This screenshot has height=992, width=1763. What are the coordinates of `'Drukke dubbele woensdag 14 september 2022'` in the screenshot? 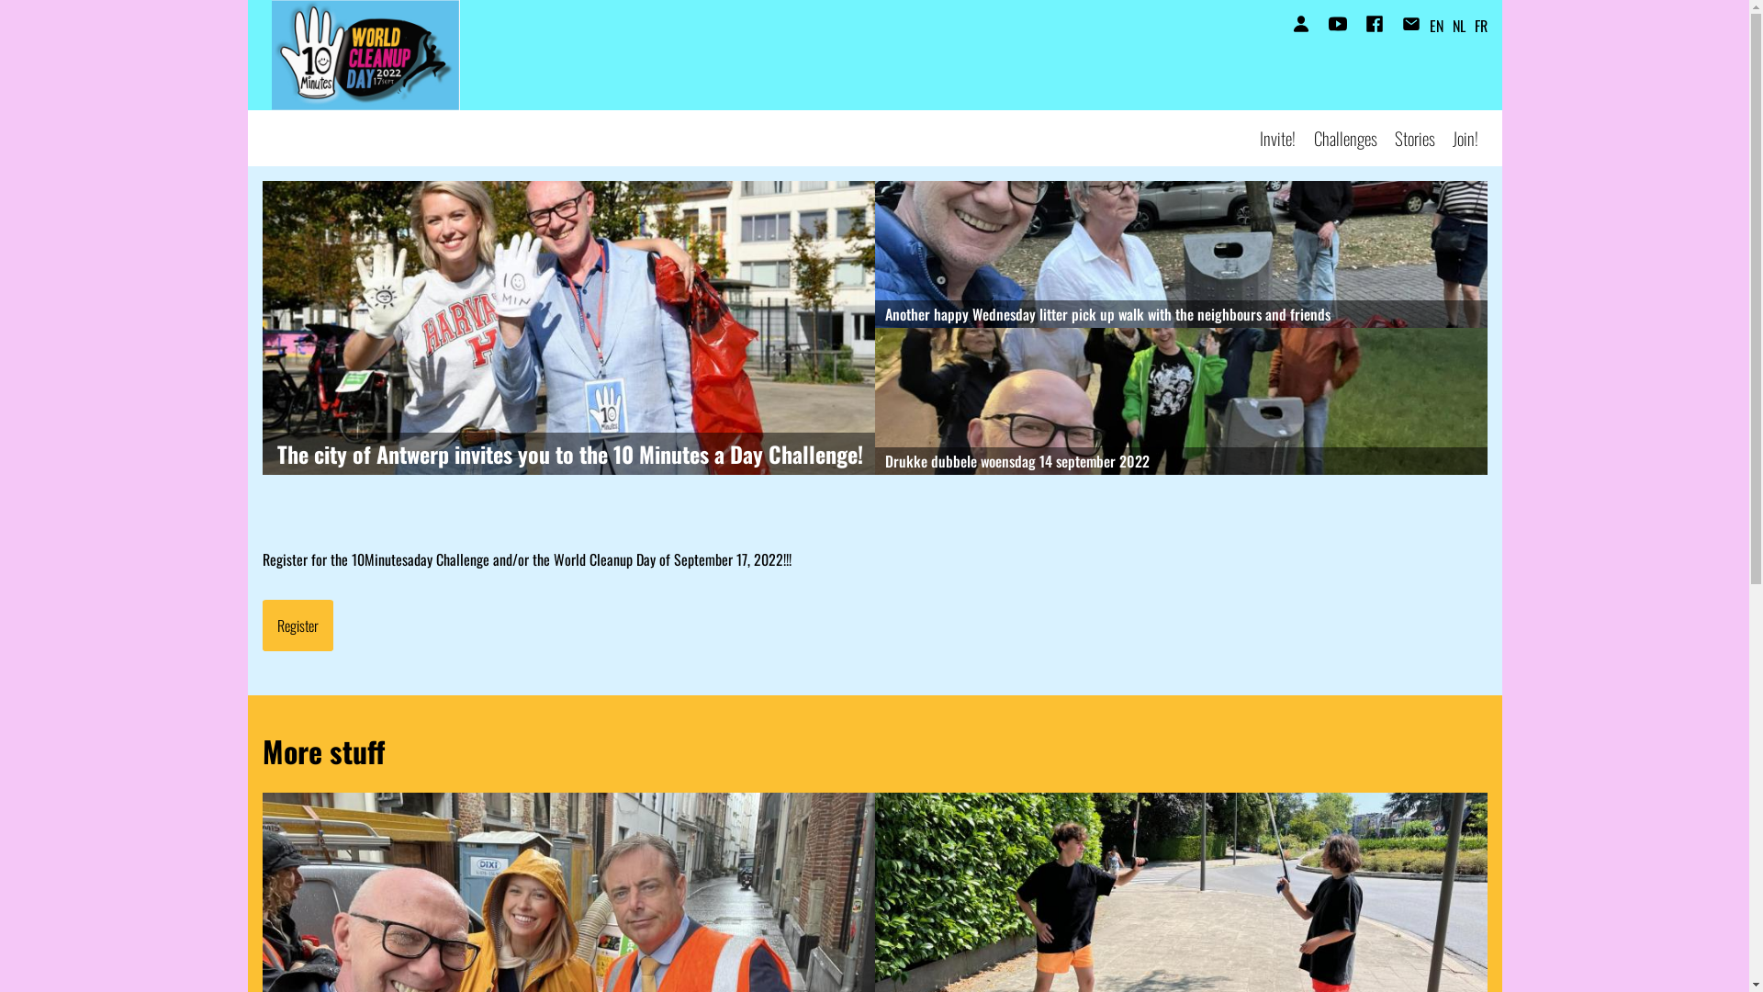 It's located at (1180, 400).